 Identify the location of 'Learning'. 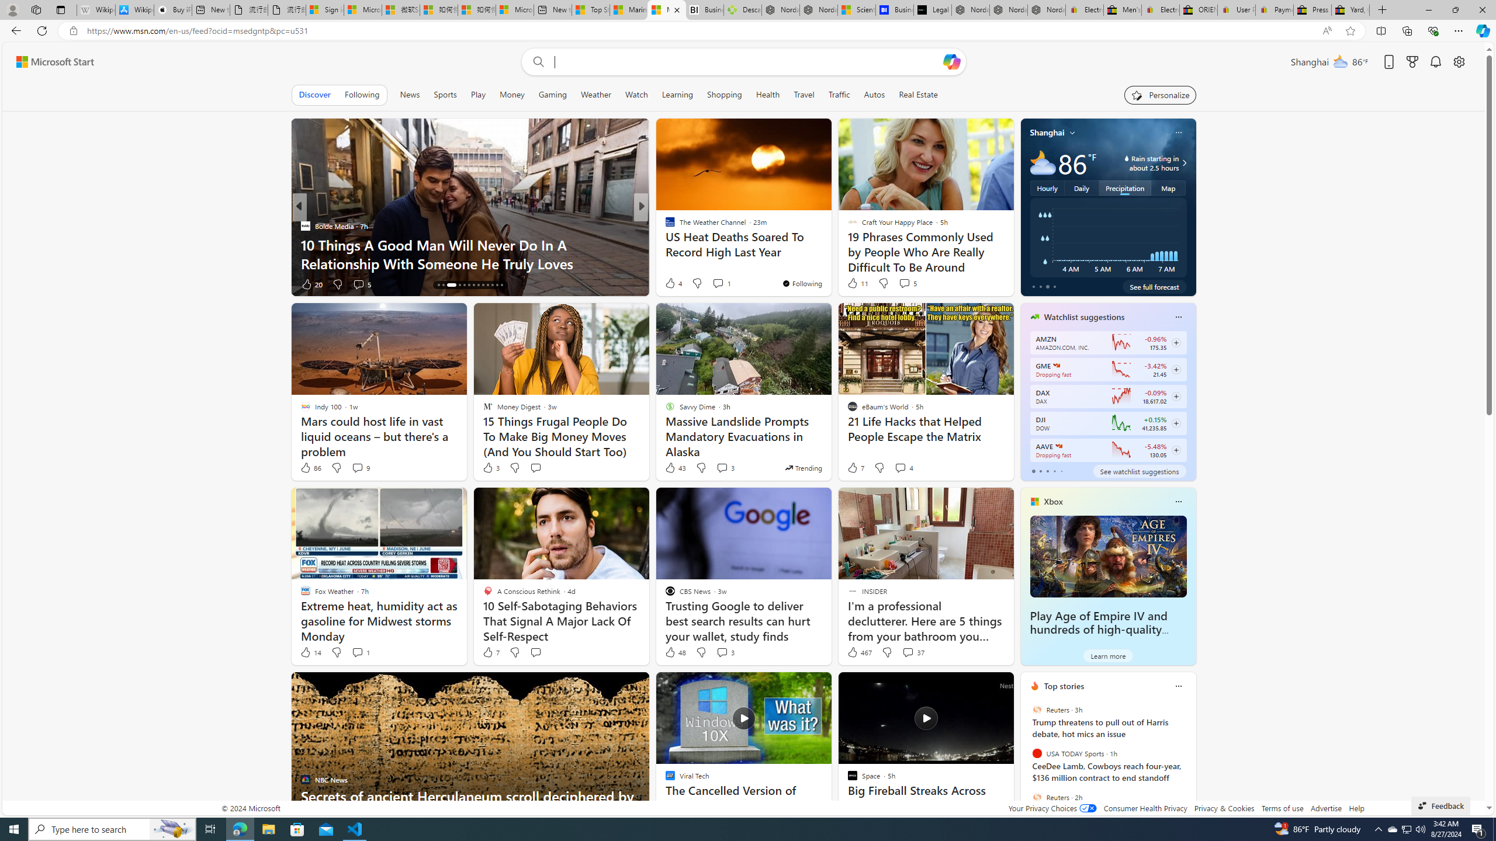
(676, 94).